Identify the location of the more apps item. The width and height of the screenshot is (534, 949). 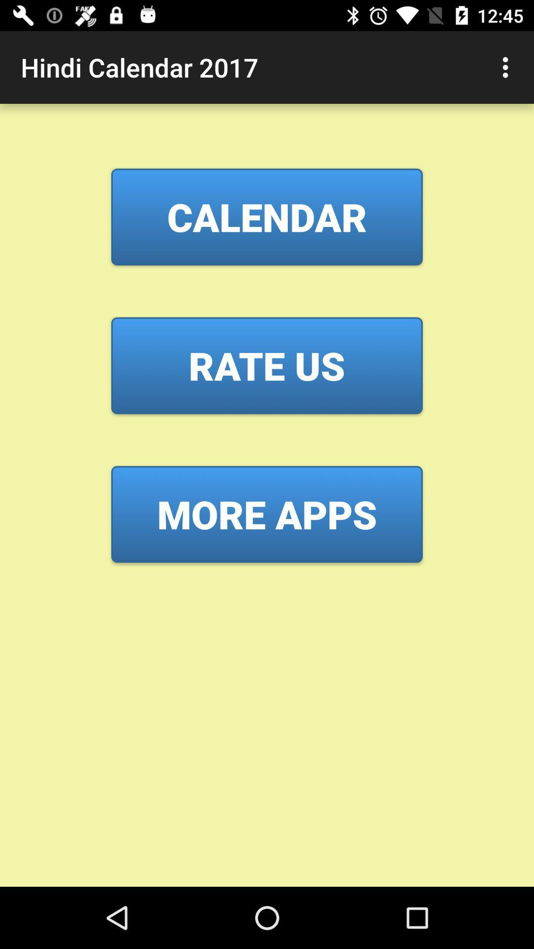
(267, 514).